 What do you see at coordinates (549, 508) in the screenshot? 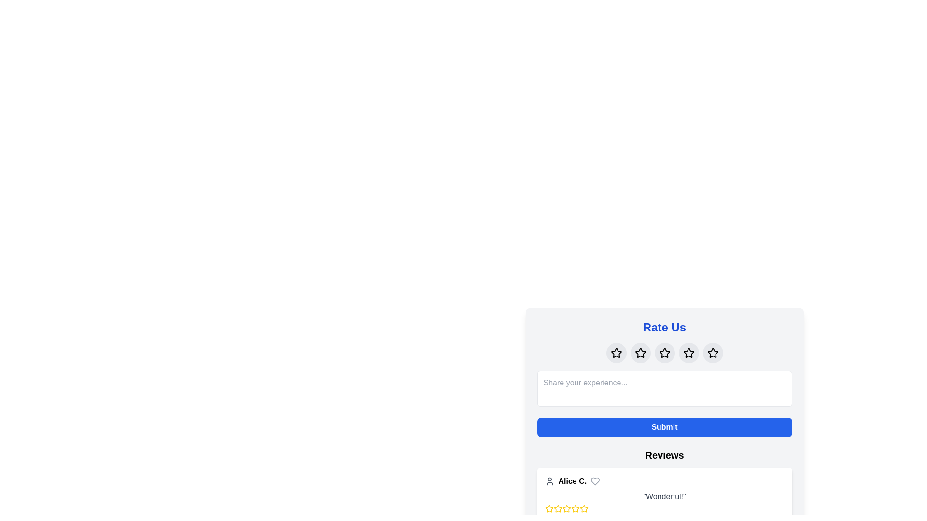
I see `the first star in the rating system located under the user's review section, aligned to the left of the text line starting with 'Alice C.'` at bounding box center [549, 508].